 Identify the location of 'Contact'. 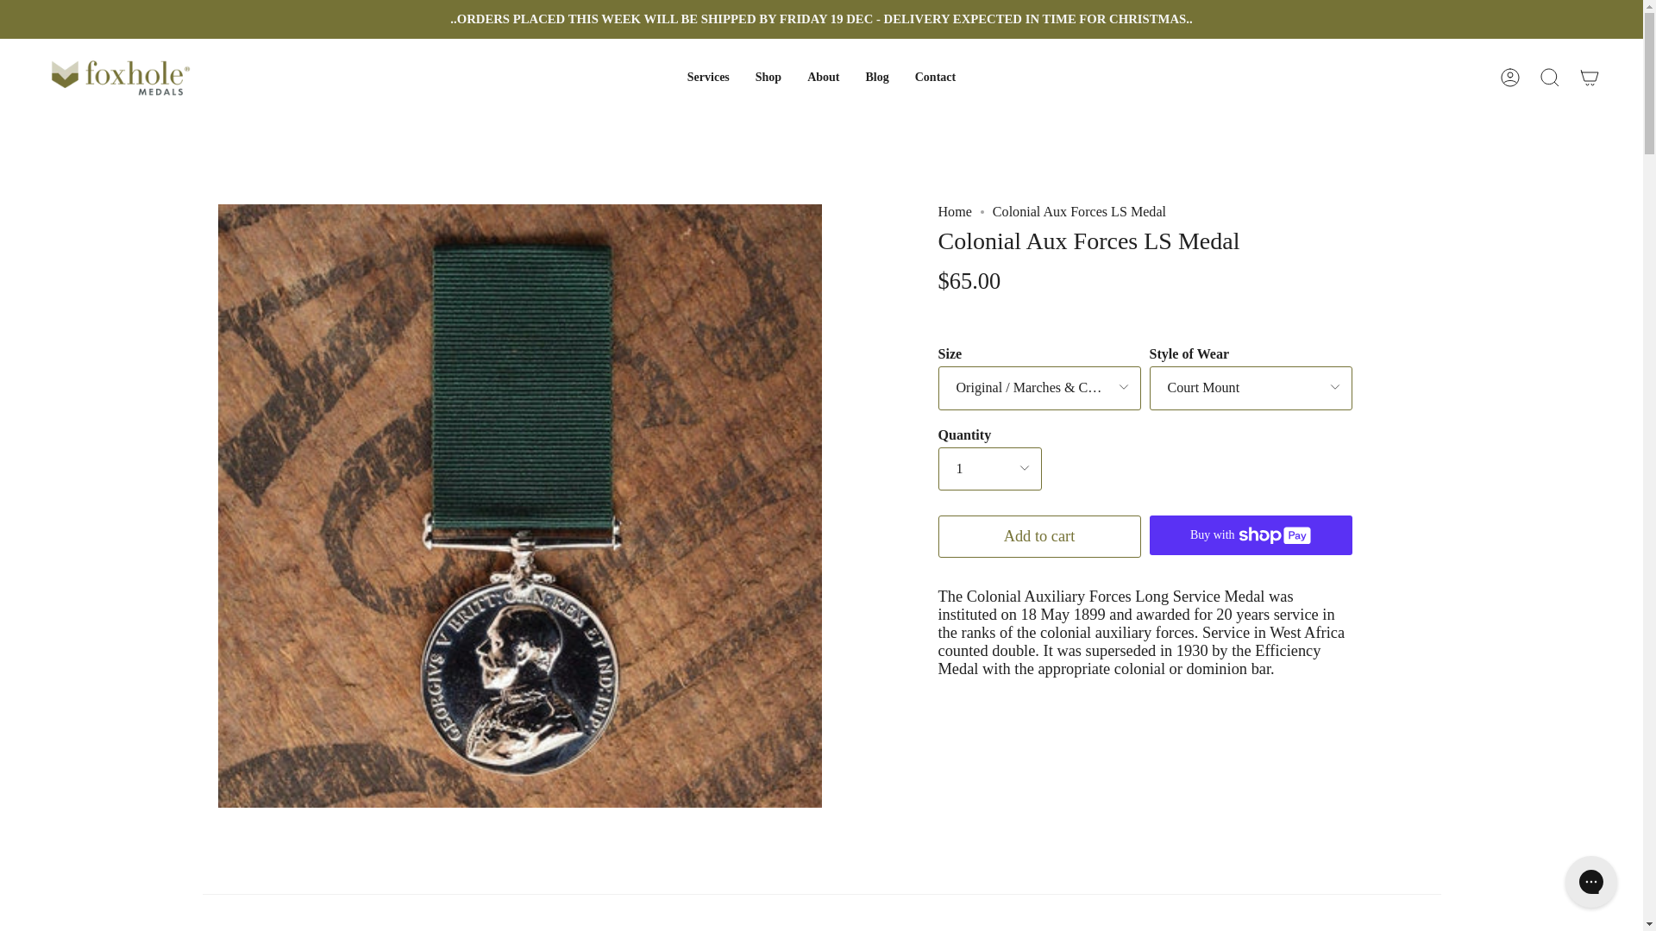
(934, 78).